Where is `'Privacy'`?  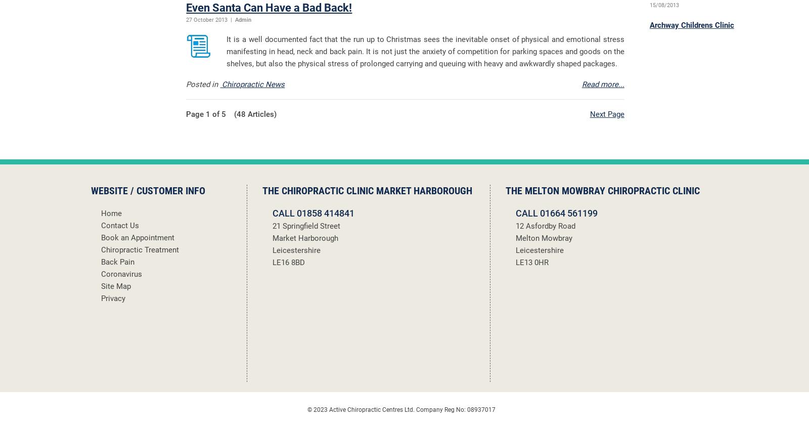
'Privacy' is located at coordinates (113, 298).